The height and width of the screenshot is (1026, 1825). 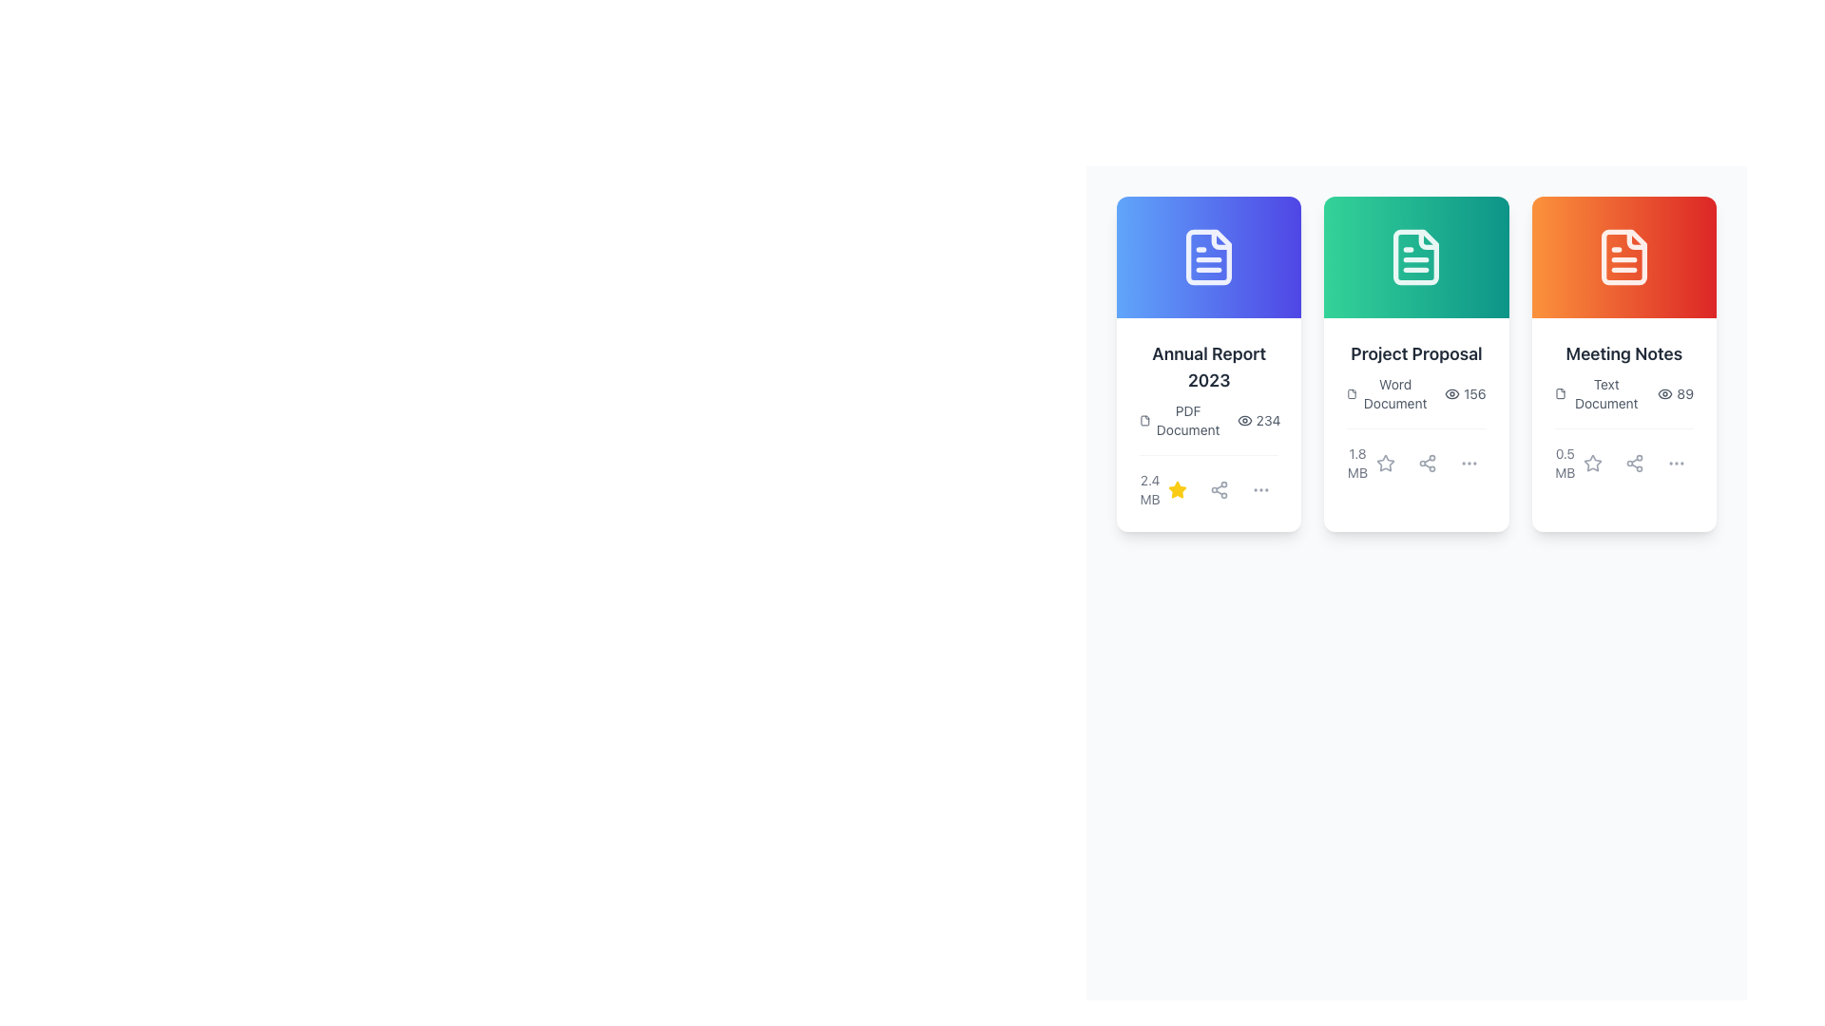 I want to click on the informational display showing 'Text Document 89' with an eye icon in the 'Meeting Notes' card, so click(x=1623, y=393).